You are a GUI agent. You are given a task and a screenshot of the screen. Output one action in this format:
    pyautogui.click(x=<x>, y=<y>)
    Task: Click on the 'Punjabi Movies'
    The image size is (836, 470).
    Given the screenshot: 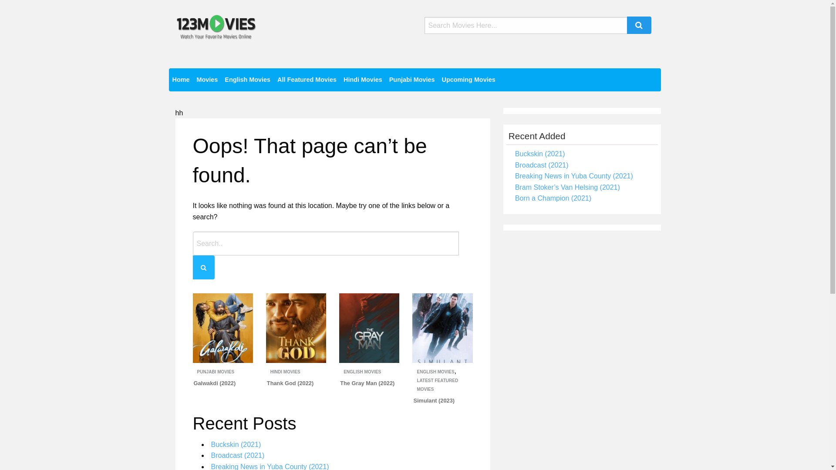 What is the action you would take?
    pyautogui.click(x=411, y=80)
    